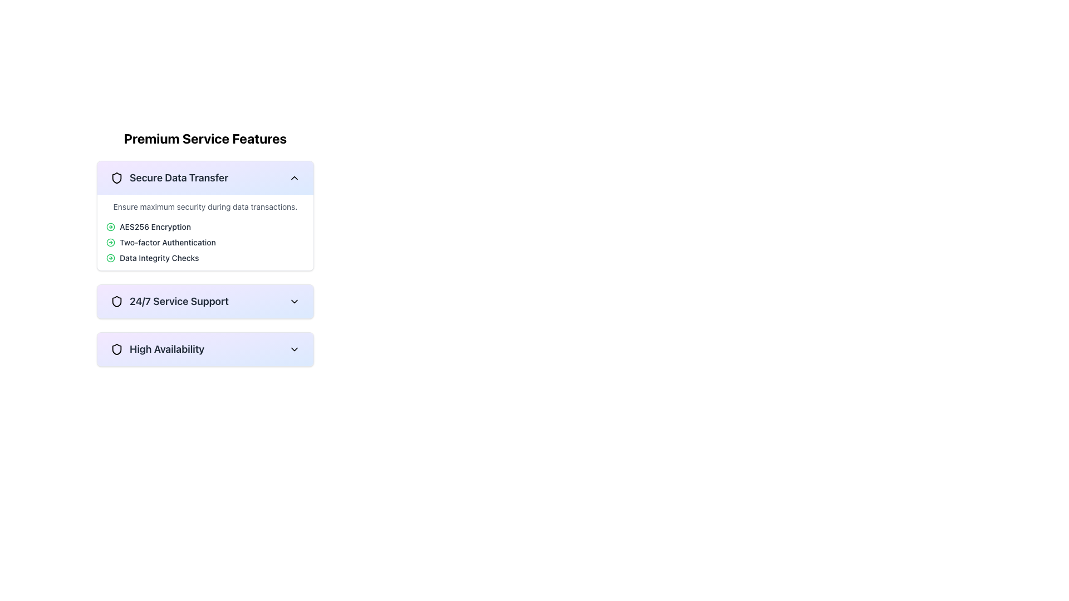 Image resolution: width=1069 pixels, height=601 pixels. I want to click on the green circular icon with a rightward arrow, located to the left of the 'Data Integrity Checks' text in the 'Secure Data Transfer' section, so click(110, 258).